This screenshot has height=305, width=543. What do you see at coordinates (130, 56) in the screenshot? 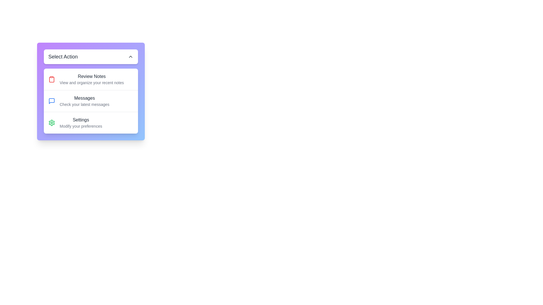
I see `the chevron icon located to the right of the 'Select Action' text` at bounding box center [130, 56].